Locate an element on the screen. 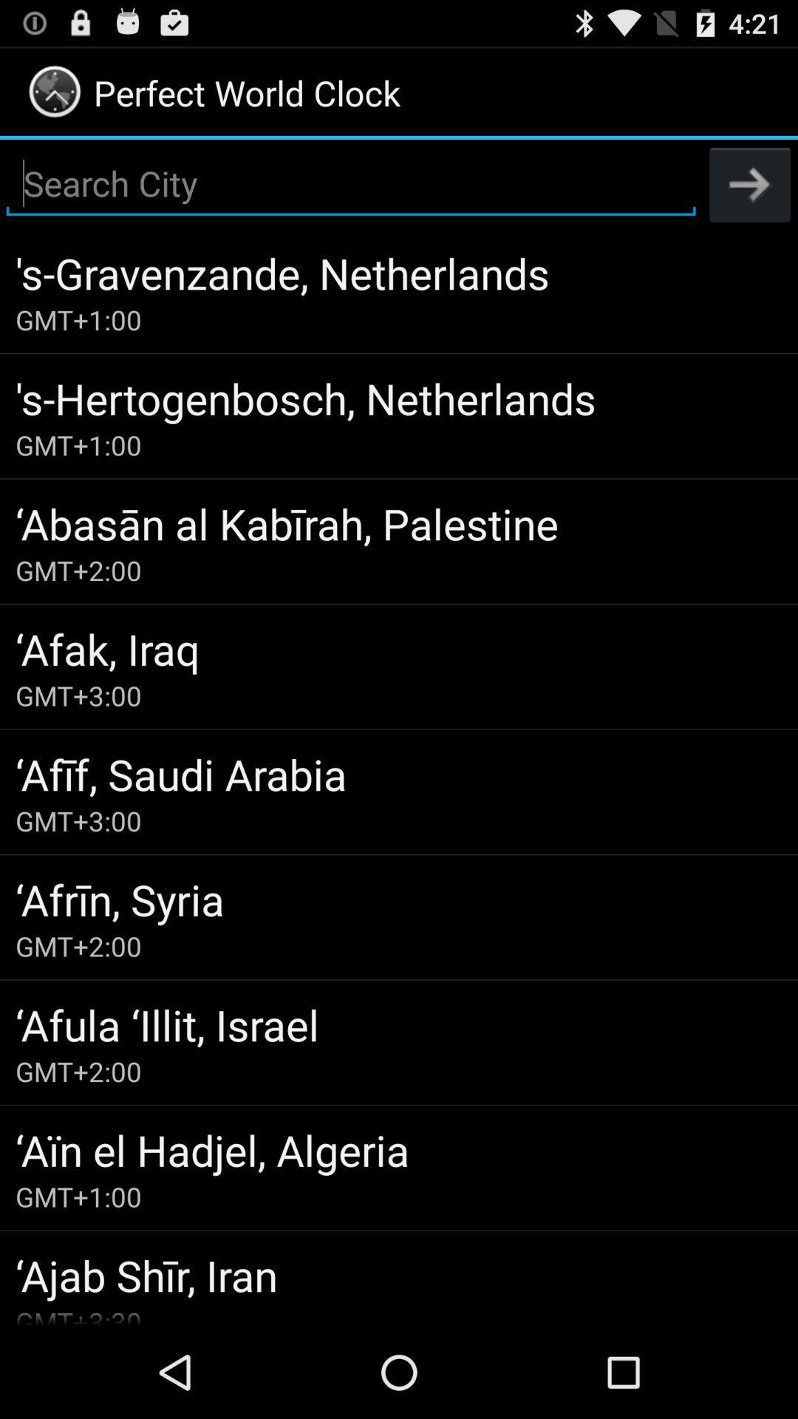  item above gmt+1:00 is located at coordinates (399, 1149).